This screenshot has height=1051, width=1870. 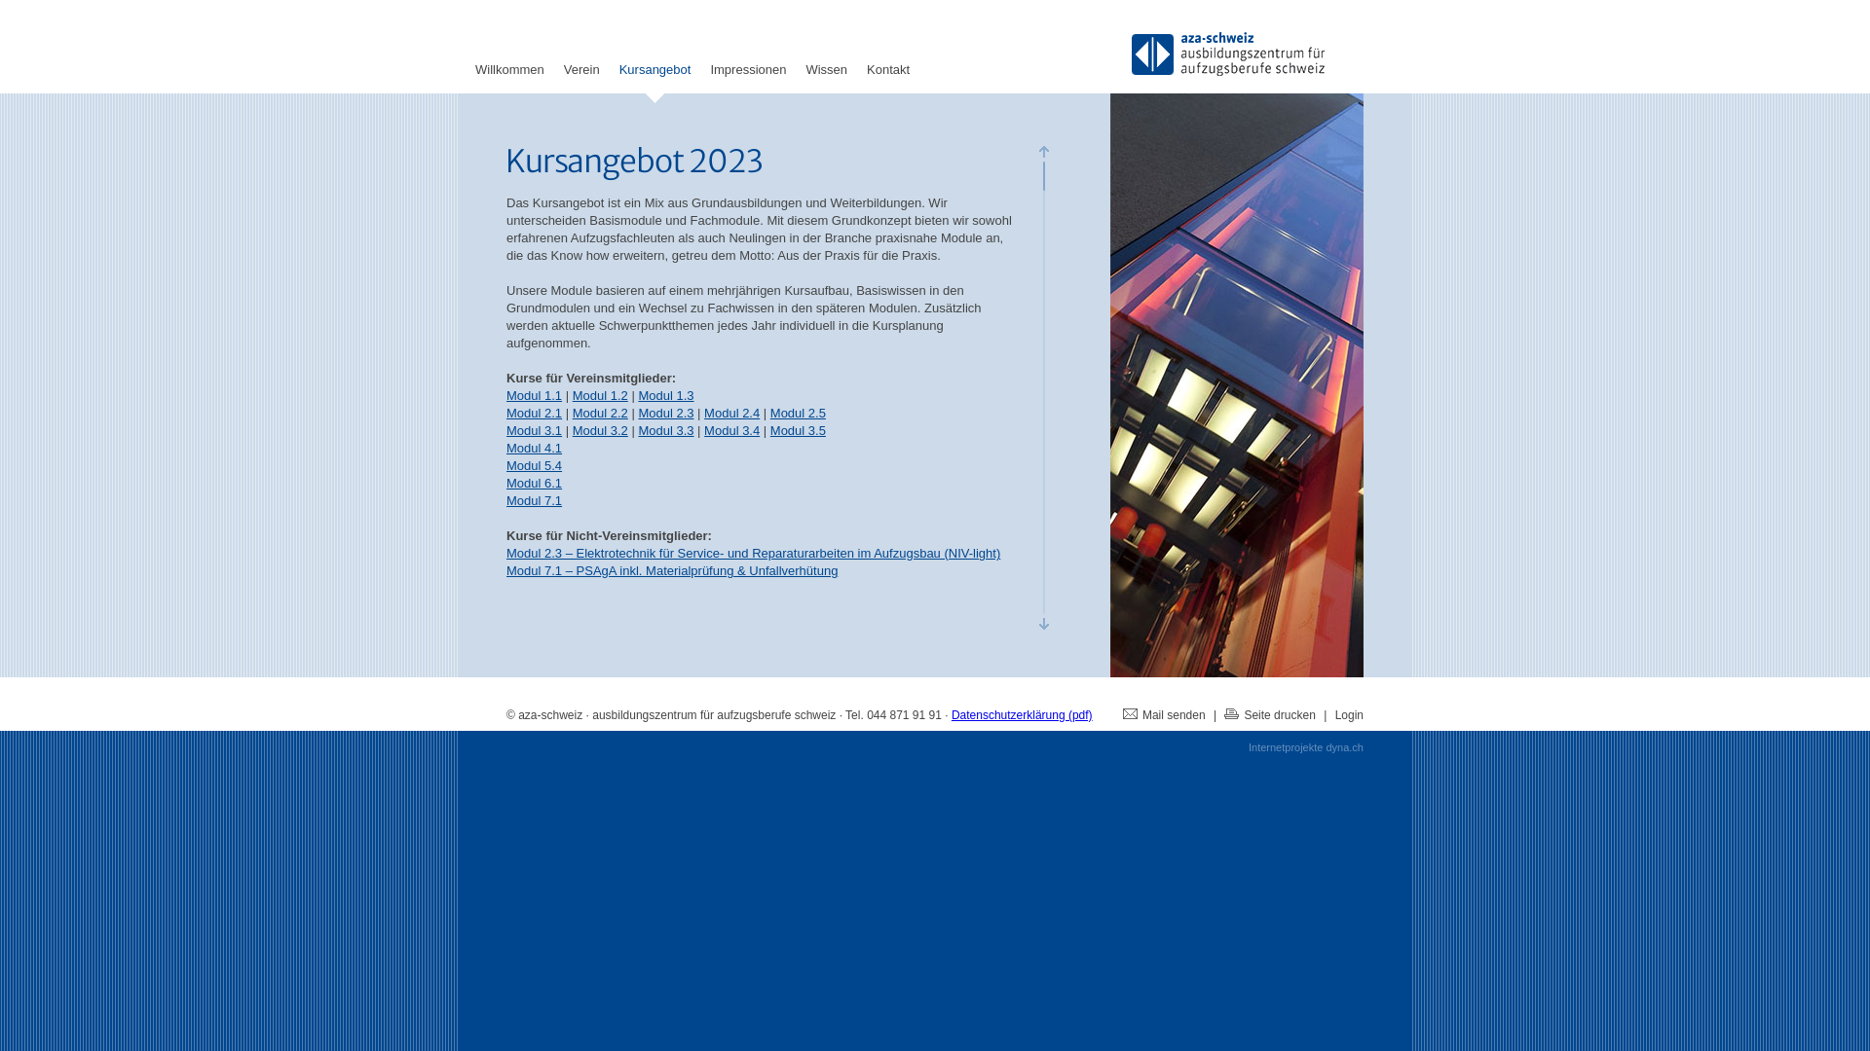 What do you see at coordinates (887, 86) in the screenshot?
I see `'Kontakt'` at bounding box center [887, 86].